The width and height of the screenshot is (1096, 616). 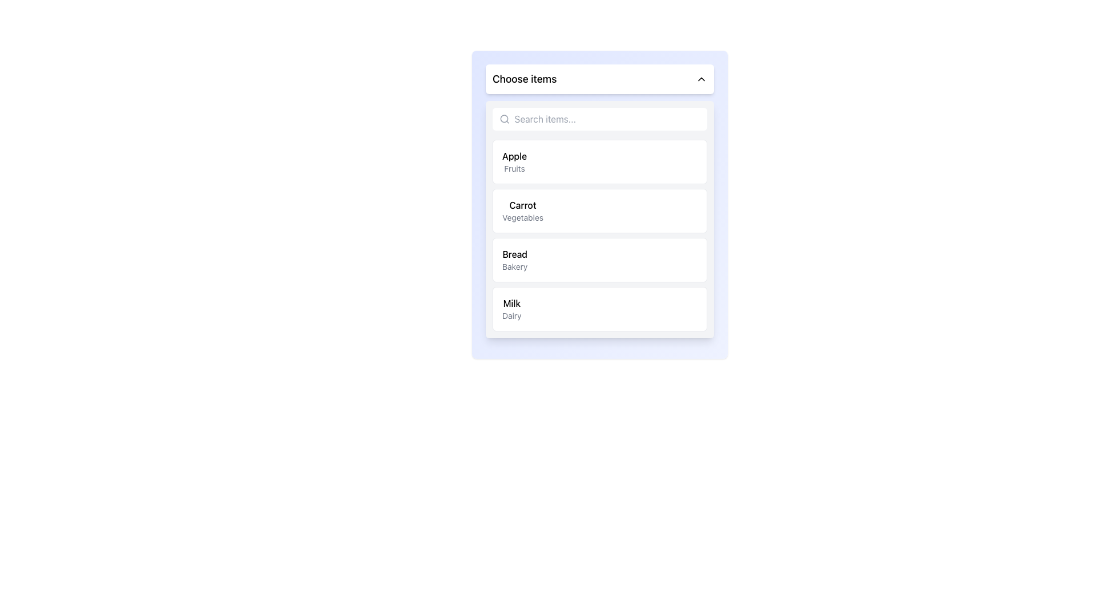 I want to click on the white rectangular card featuring 'Carrot' in bold and 'Vegetables' in smaller font, so click(x=599, y=211).